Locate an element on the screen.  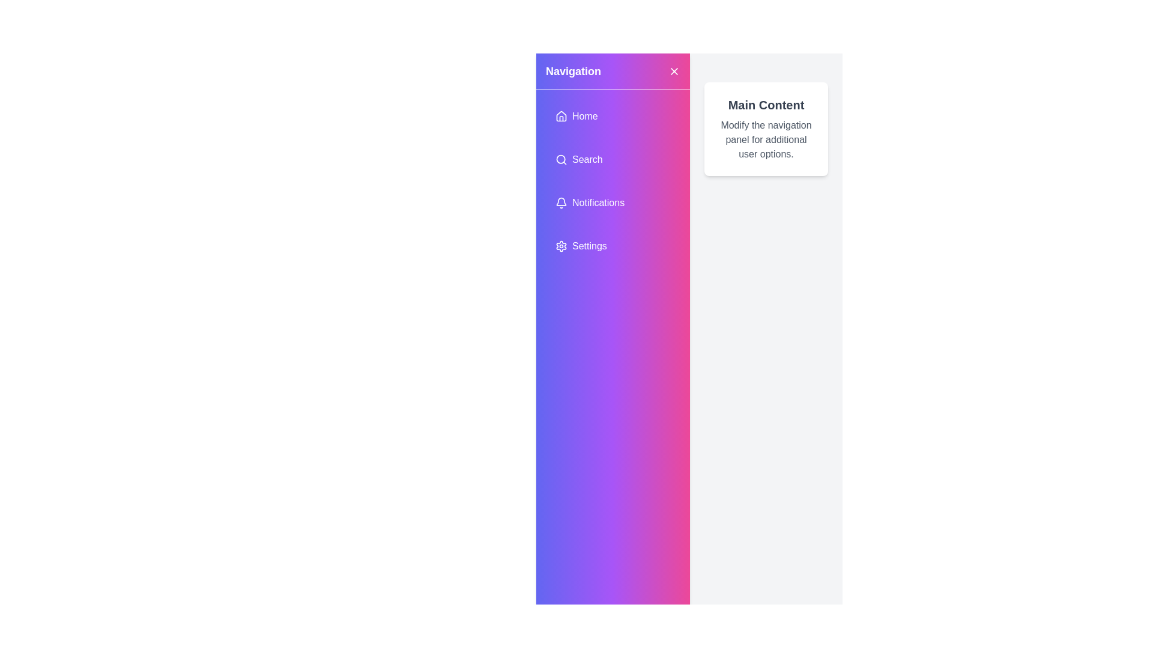
the magnifying glass icon representing the search action located within the 'Search' button in the vertical navigation menu to initiate a search is located at coordinates (561, 159).